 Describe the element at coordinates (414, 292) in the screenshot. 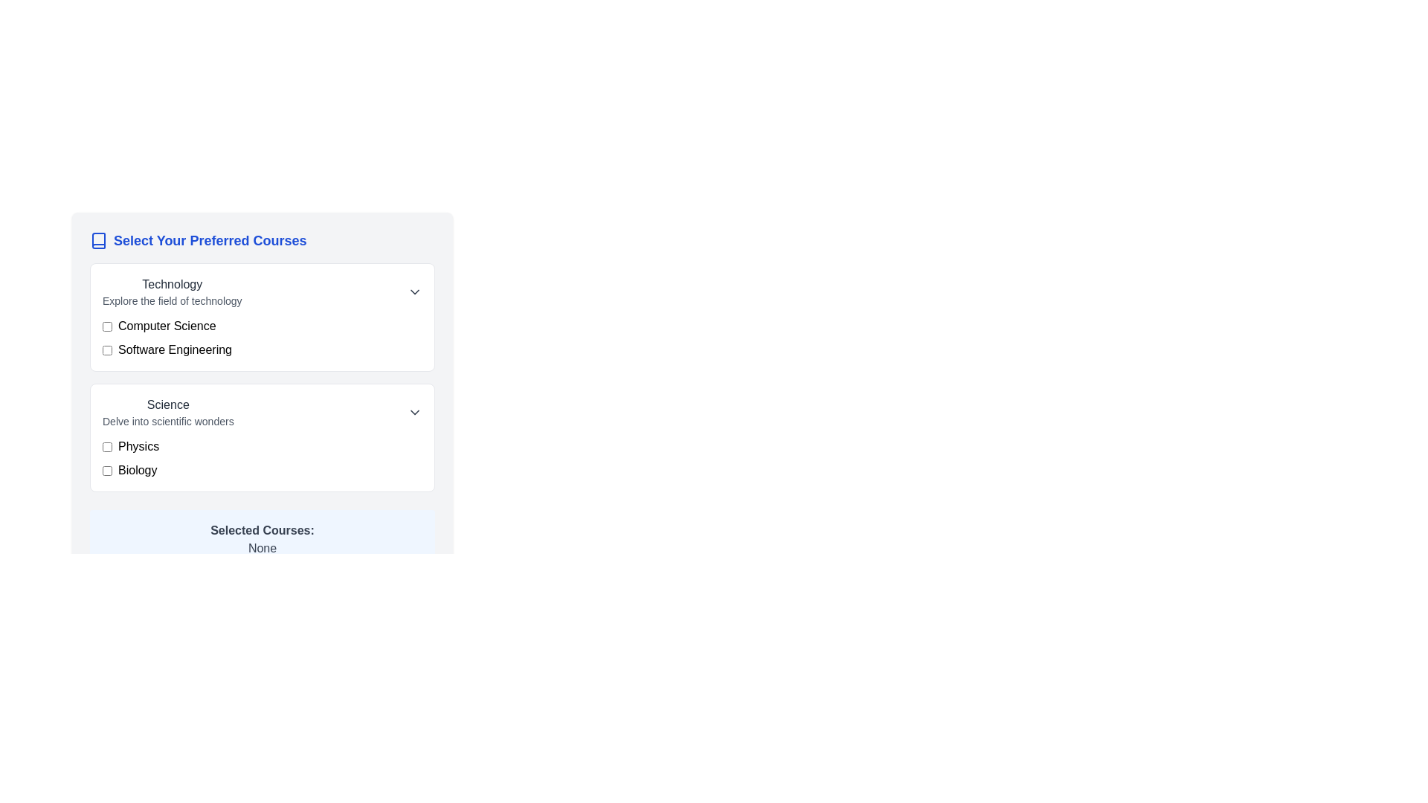

I see `the chevron dropdown button located at the rightmost position of the 'Technology' section` at that location.